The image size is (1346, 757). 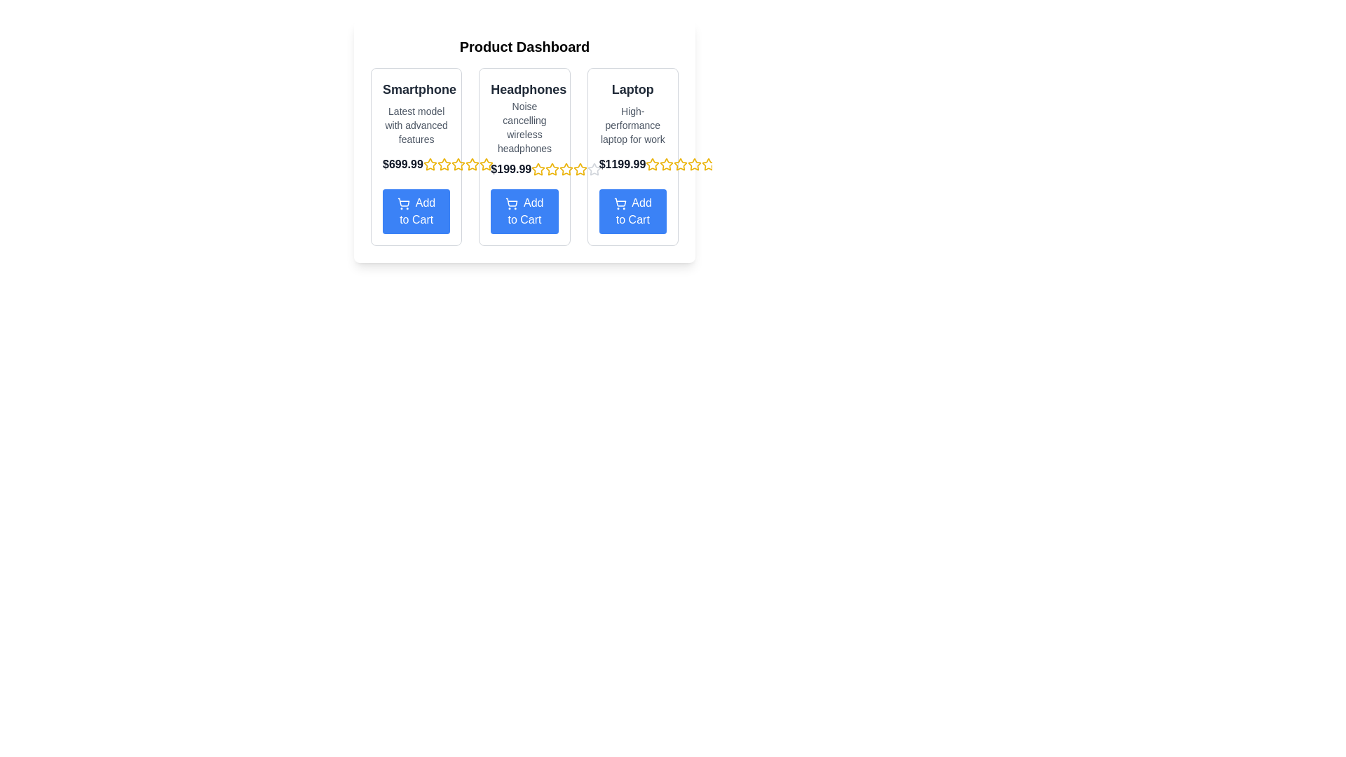 What do you see at coordinates (524, 169) in the screenshot?
I see `the price display element "$199.99" which is prominently bold and dark, located beneath the product description for 'Noise cancelling wireless headphones' and above the star rating feature` at bounding box center [524, 169].